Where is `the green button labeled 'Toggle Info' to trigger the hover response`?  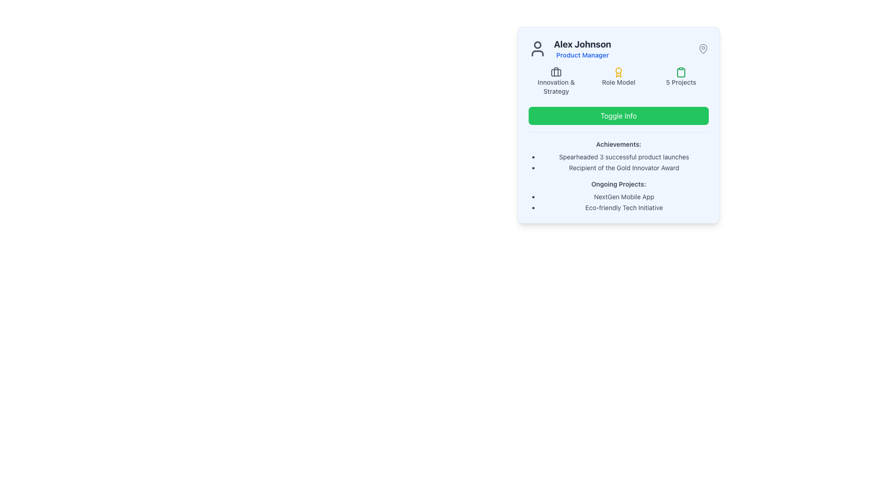 the green button labeled 'Toggle Info' to trigger the hover response is located at coordinates (618, 115).